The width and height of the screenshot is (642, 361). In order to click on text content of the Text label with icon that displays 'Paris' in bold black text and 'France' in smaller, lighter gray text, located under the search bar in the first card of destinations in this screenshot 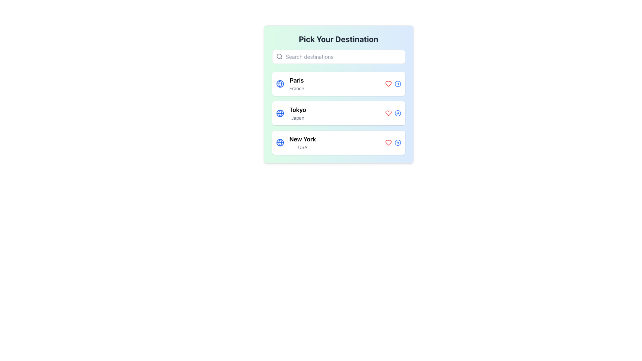, I will do `click(290, 83)`.